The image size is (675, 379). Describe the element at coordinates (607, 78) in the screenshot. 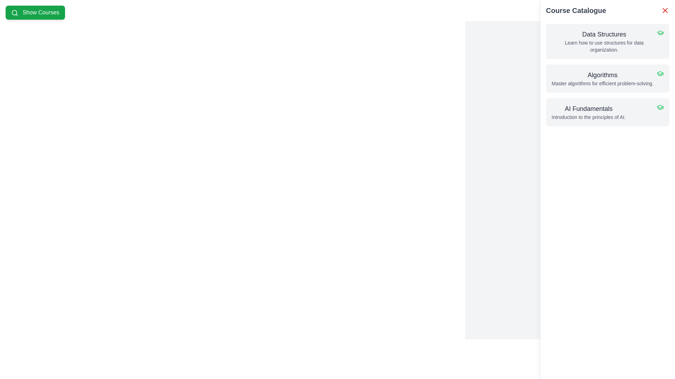

I see `the 'Algorithms' interactive course card in the Course Catalogue panel, which is the middle card in a vertical list of three courses` at that location.